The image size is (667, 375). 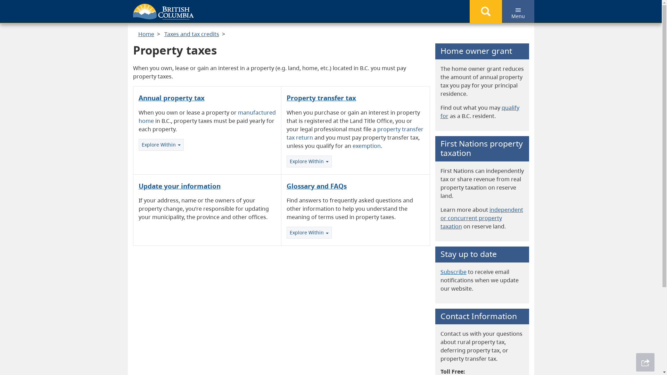 I want to click on 'Glossary and FAQs', so click(x=316, y=185).